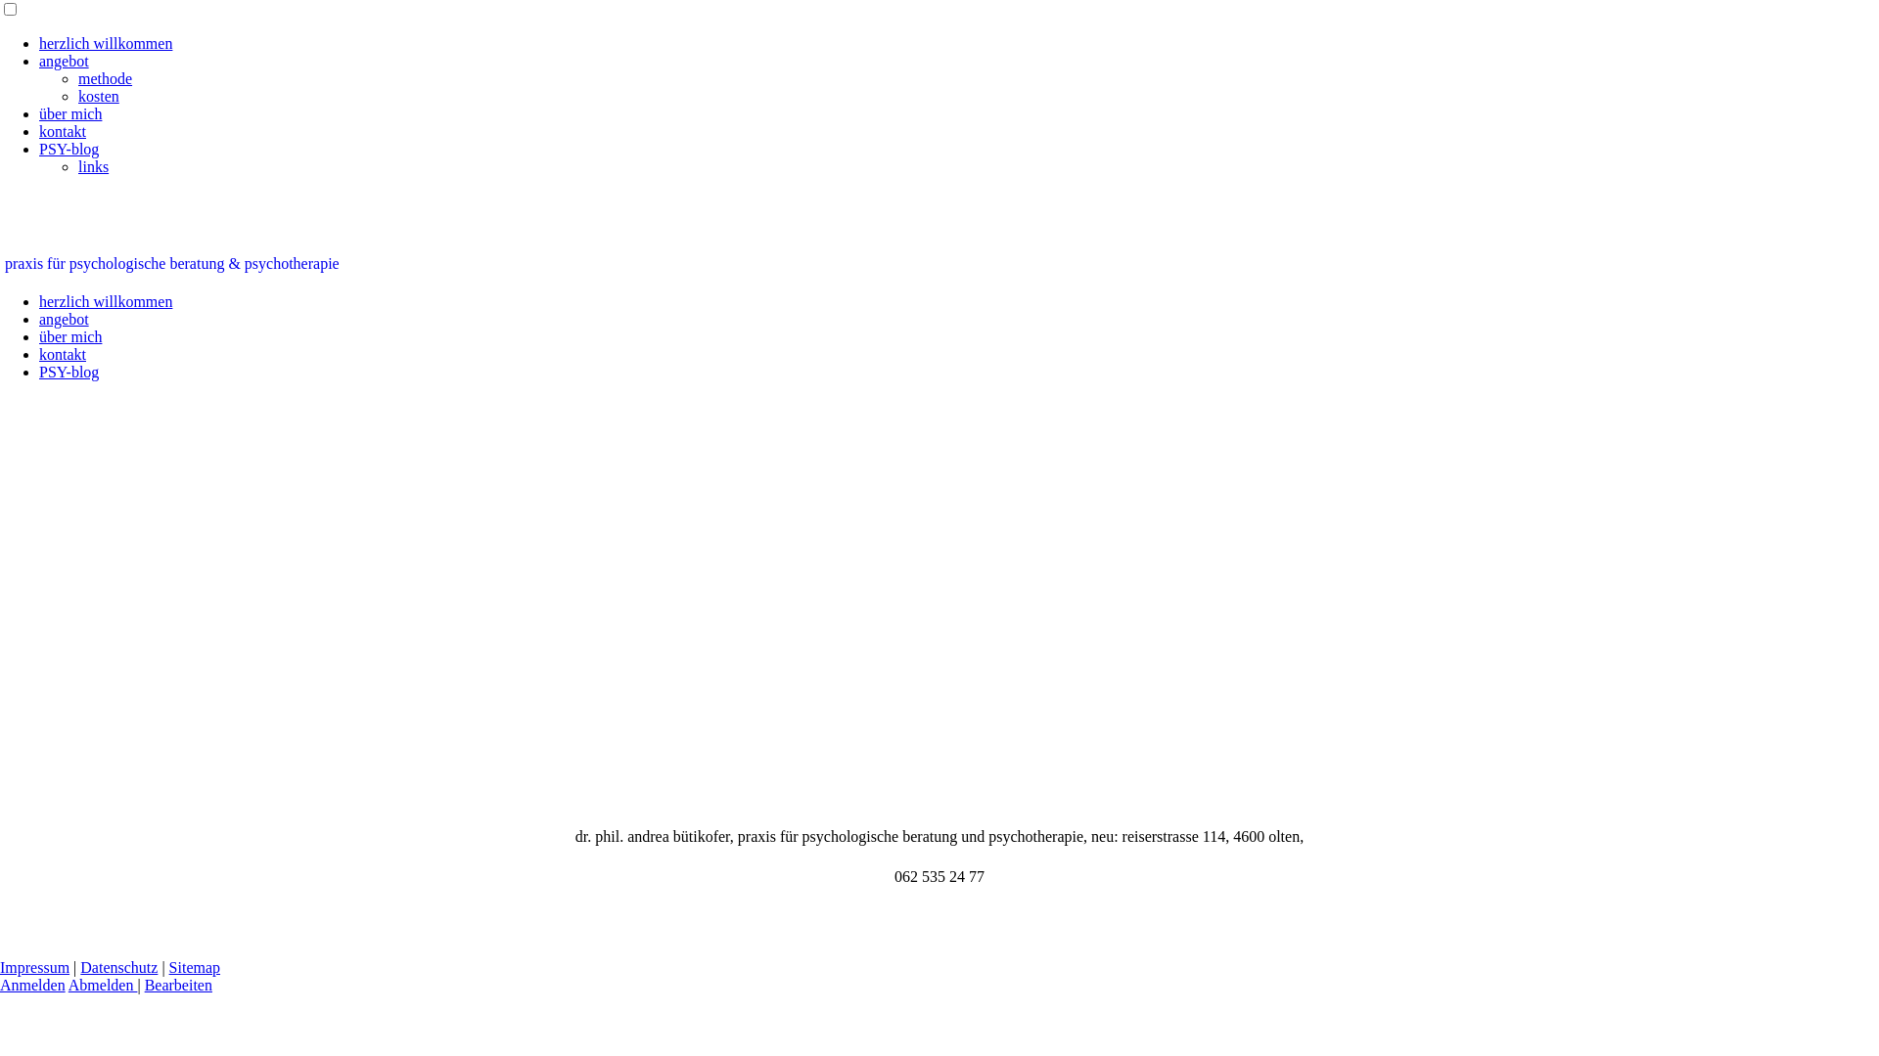 The height and width of the screenshot is (1056, 1879). What do you see at coordinates (62, 131) in the screenshot?
I see `'kontakt'` at bounding box center [62, 131].